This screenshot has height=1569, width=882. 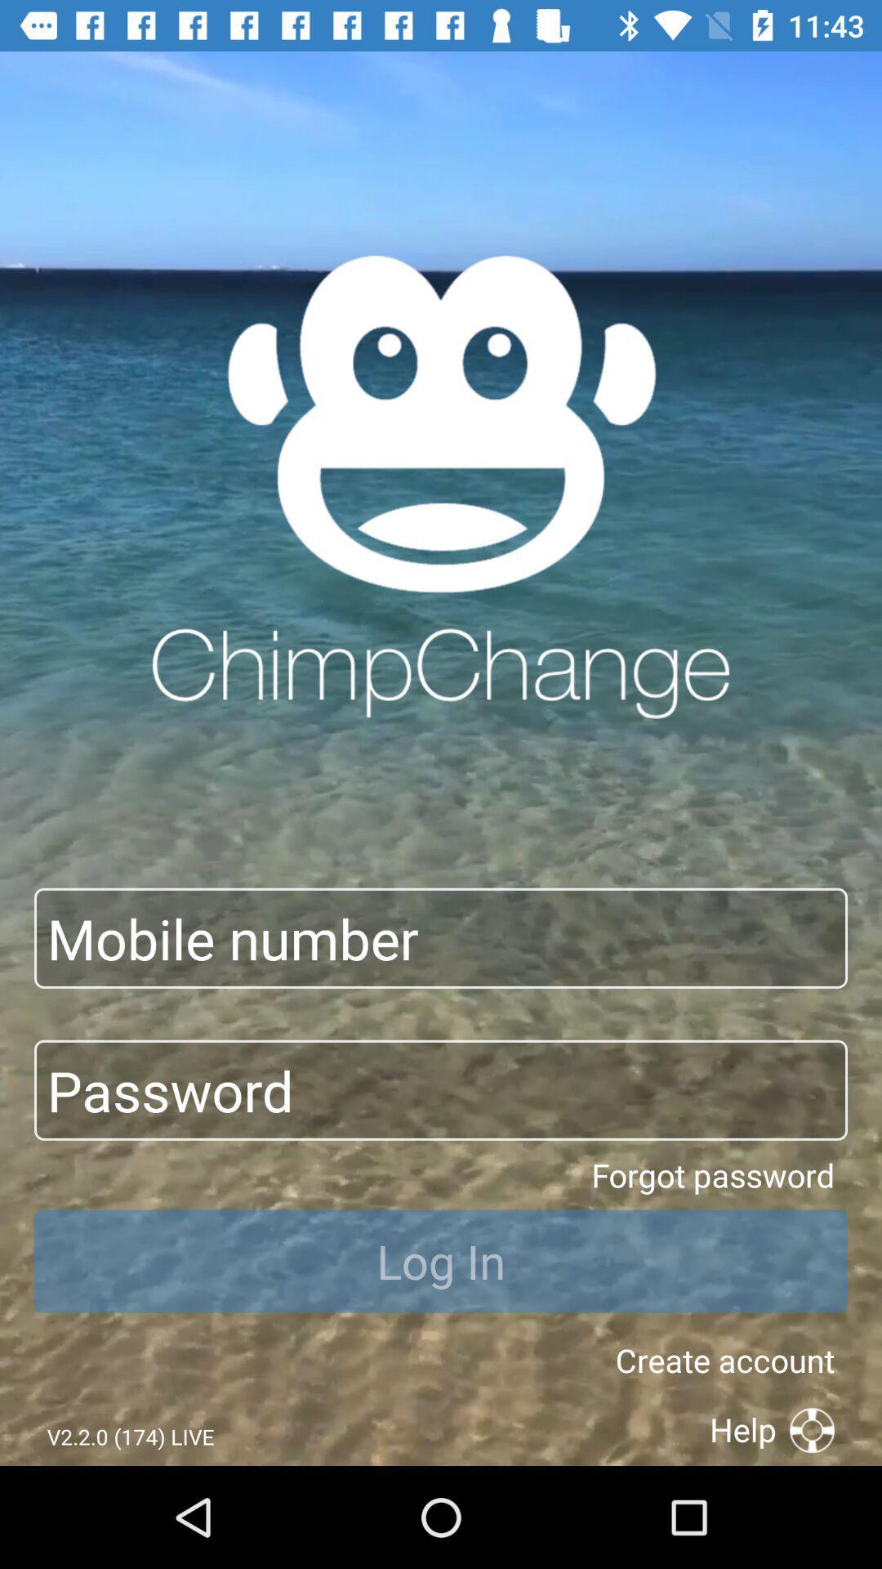 I want to click on type the password, so click(x=441, y=1090).